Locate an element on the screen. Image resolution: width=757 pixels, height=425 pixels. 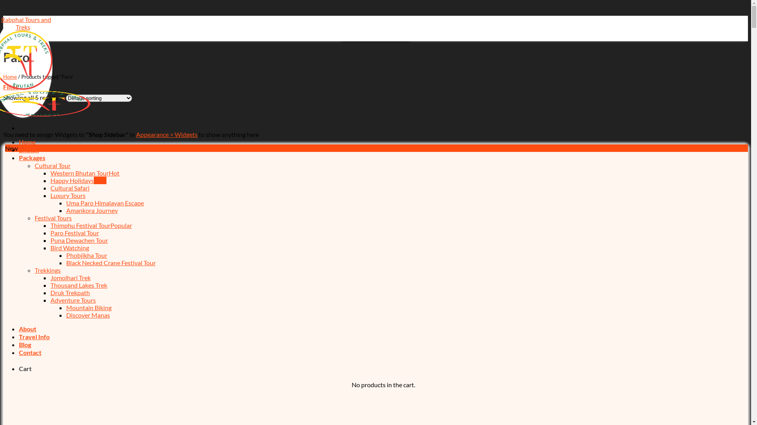
'Luxury Tours' is located at coordinates (68, 195).